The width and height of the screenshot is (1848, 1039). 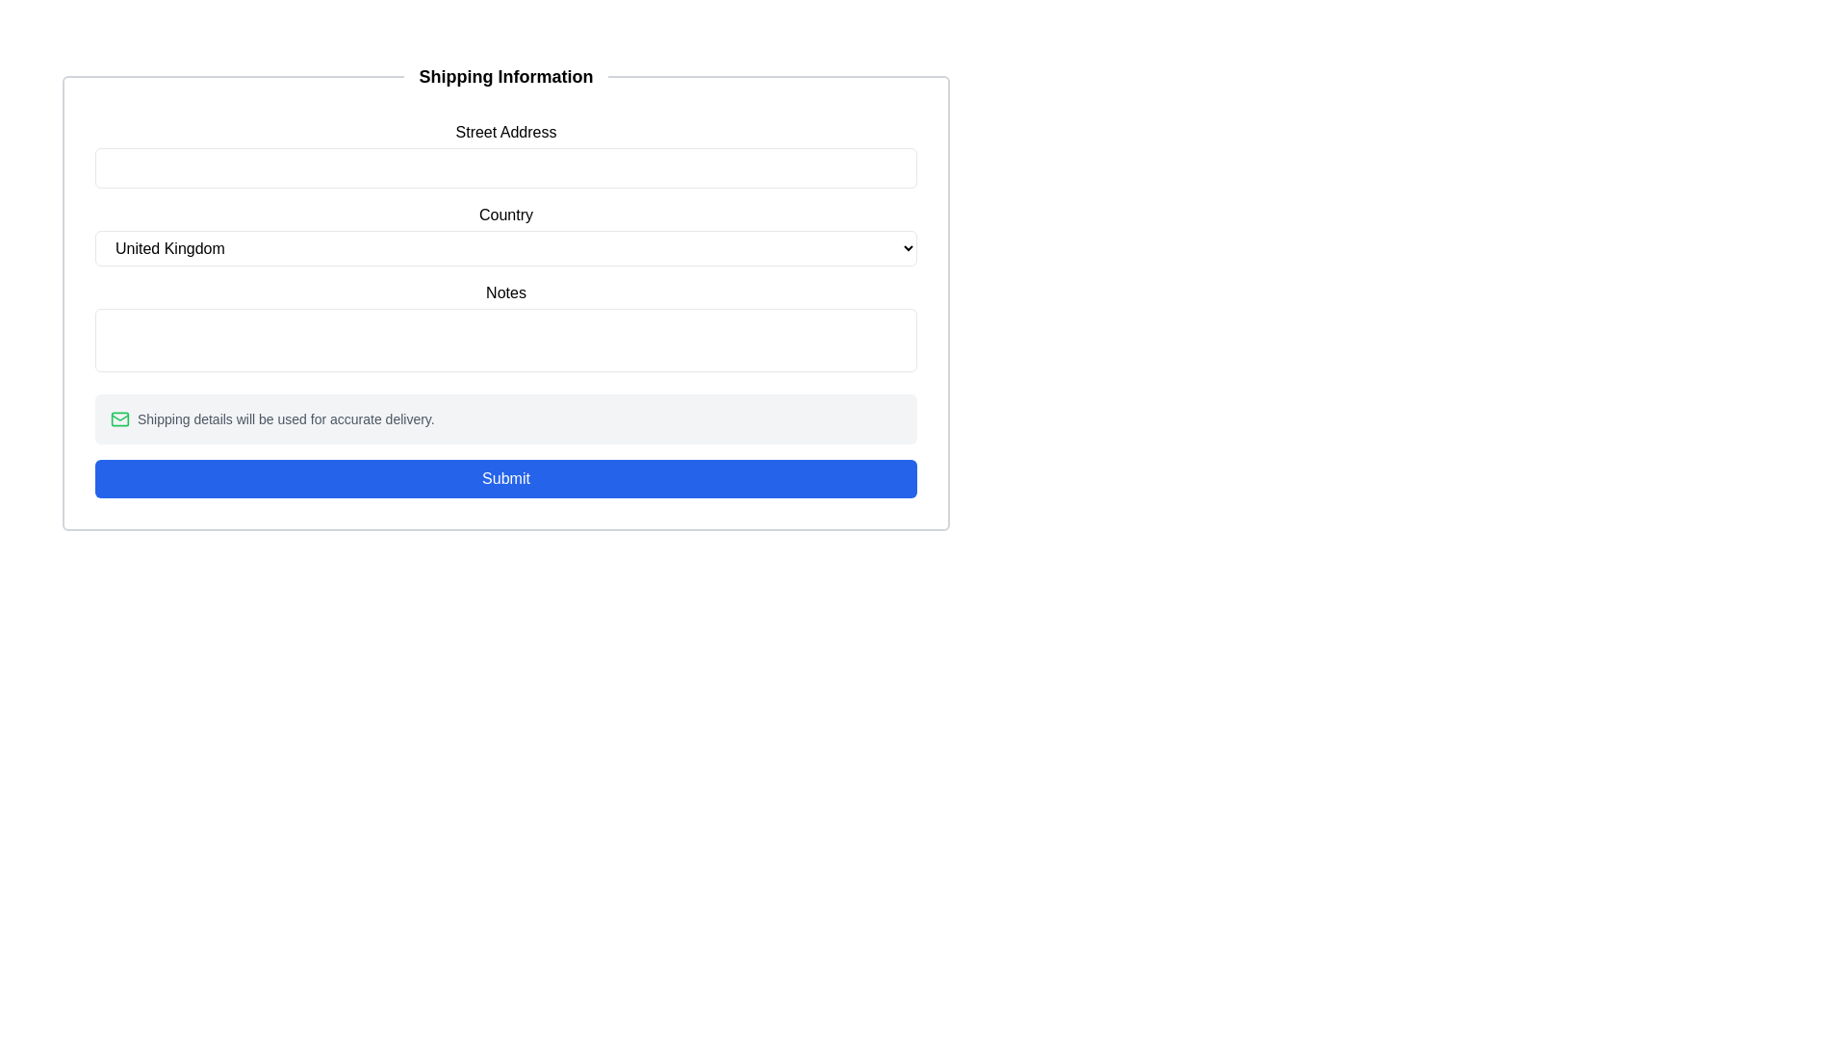 I want to click on the 'Submit' button located at the bottom of the 'Shipping Information' section, so click(x=506, y=477).